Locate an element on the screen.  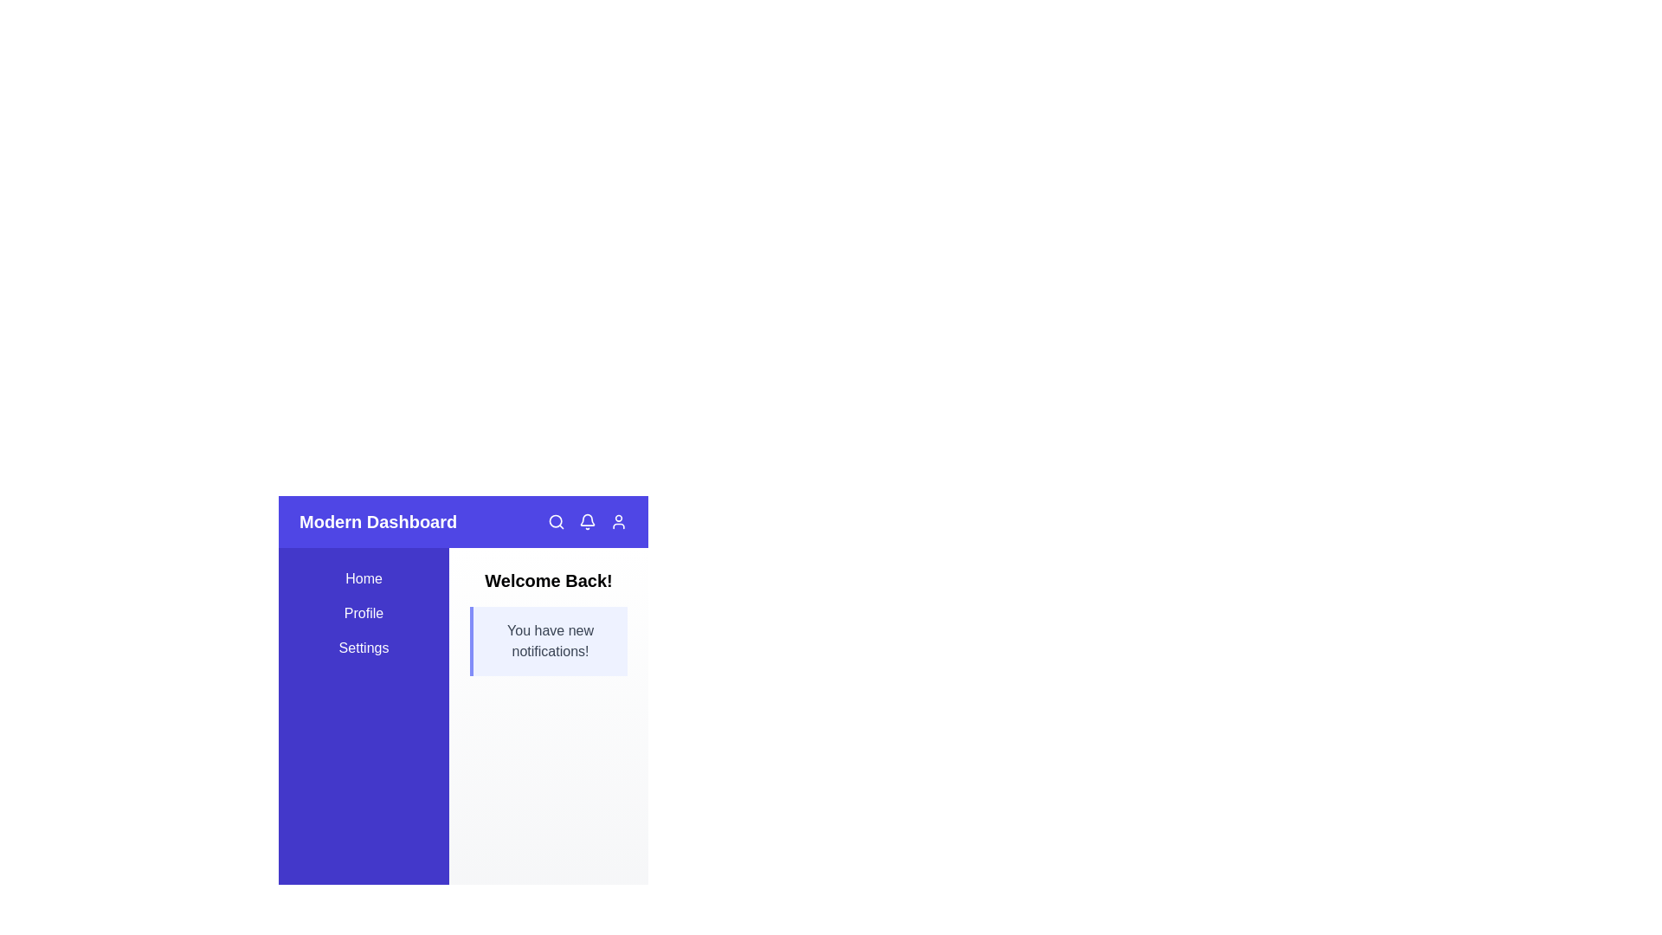
the sidebar link Home is located at coordinates (363, 578).